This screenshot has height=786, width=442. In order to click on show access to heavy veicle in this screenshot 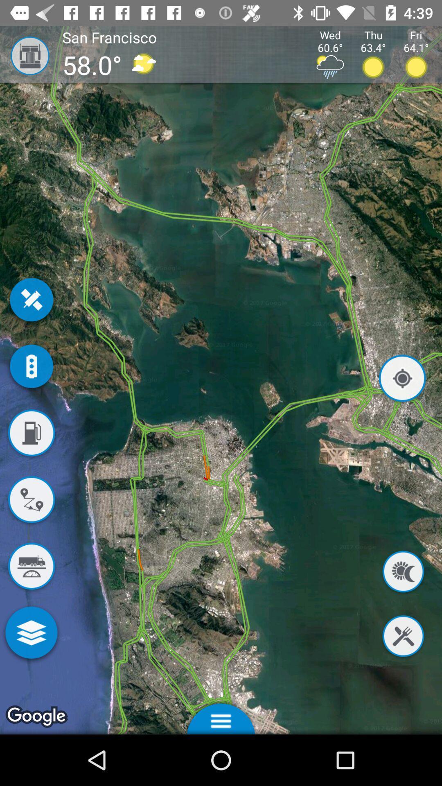, I will do `click(31, 567)`.